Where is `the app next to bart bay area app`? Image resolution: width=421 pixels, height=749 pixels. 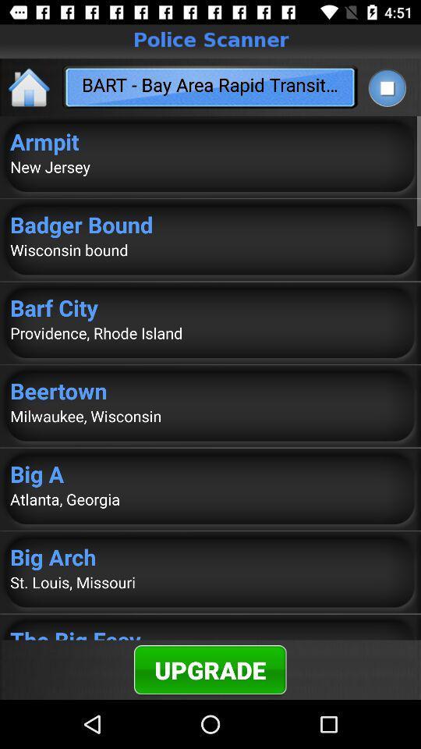
the app next to bart bay area app is located at coordinates (30, 87).